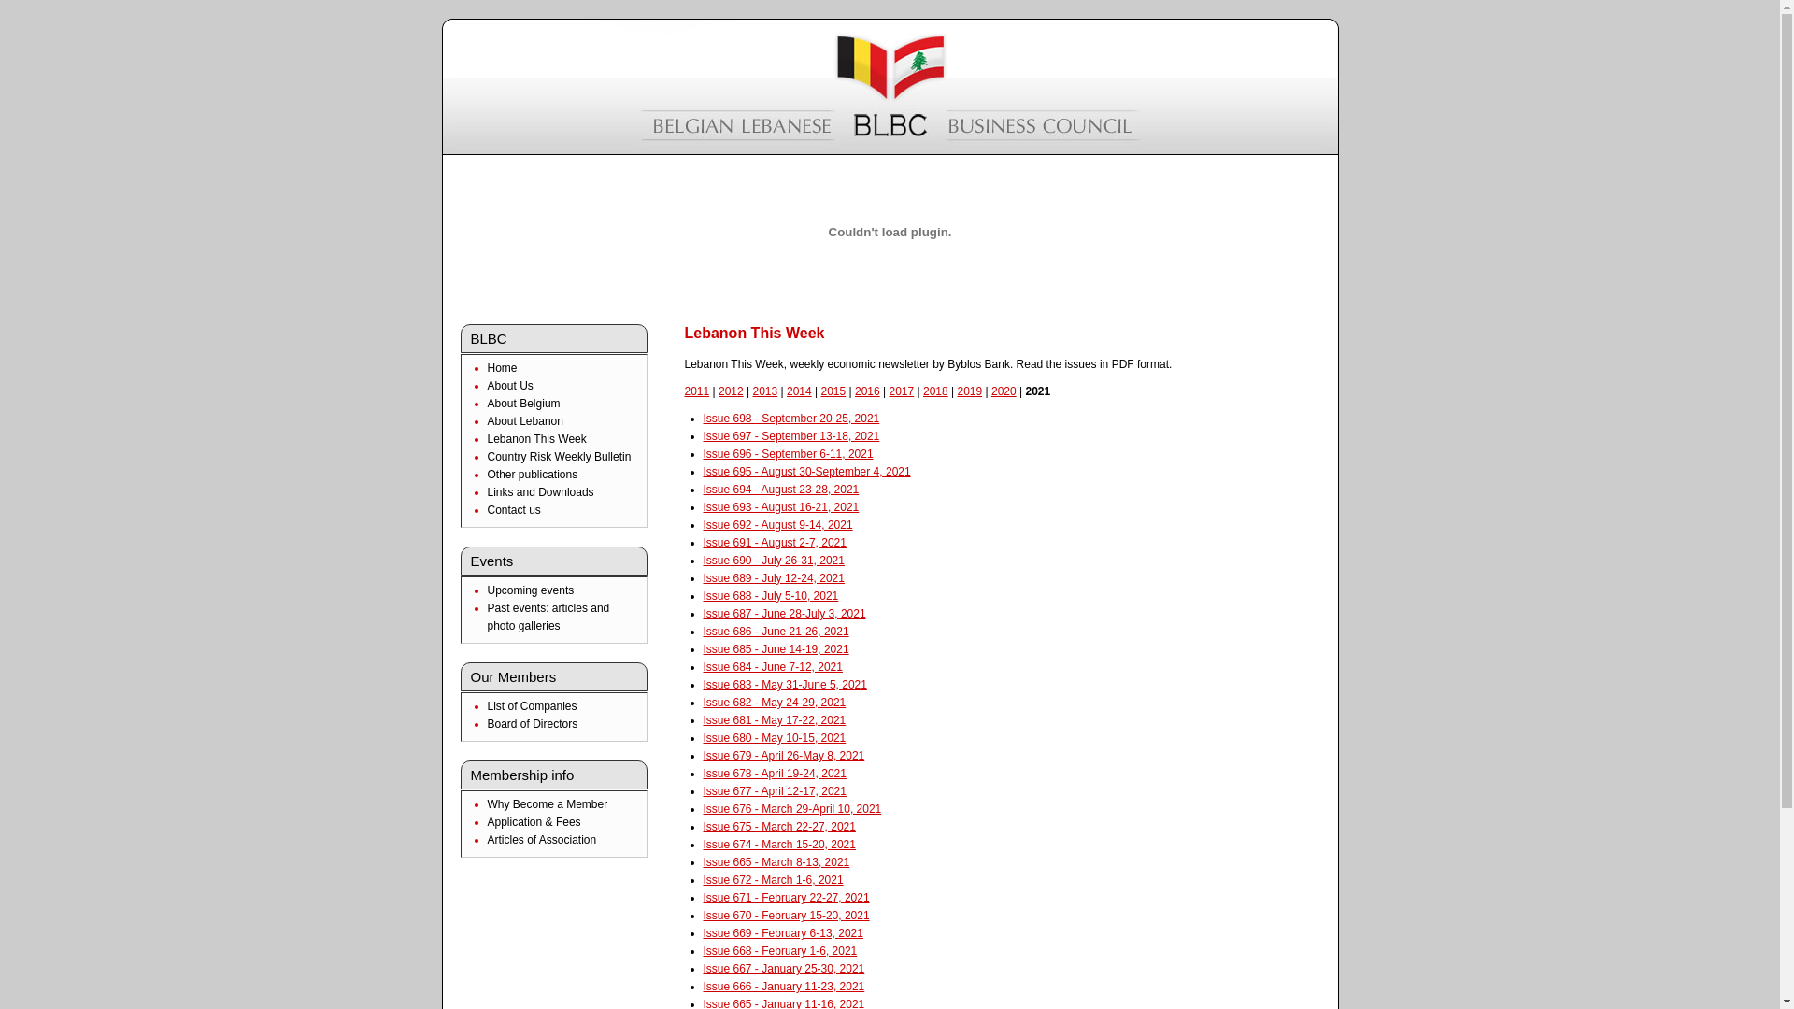 The image size is (1794, 1009). Describe the element at coordinates (532, 706) in the screenshot. I see `'List of Companies'` at that location.